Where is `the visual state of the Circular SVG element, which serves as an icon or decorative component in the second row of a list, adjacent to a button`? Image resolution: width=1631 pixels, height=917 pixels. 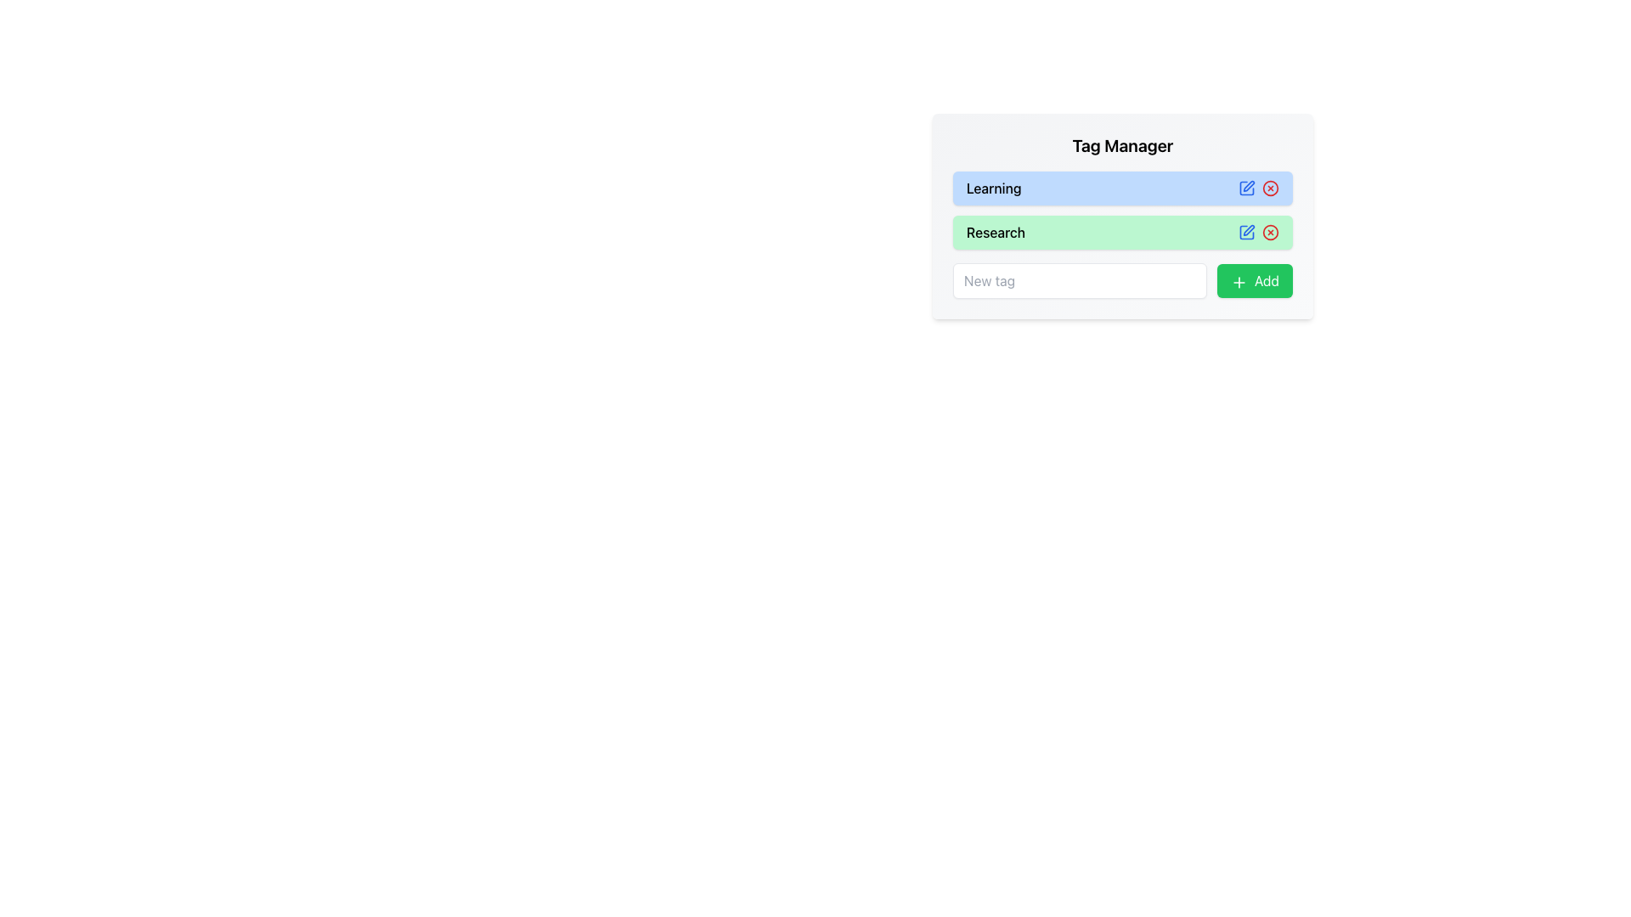 the visual state of the Circular SVG element, which serves as an icon or decorative component in the second row of a list, adjacent to a button is located at coordinates (1271, 232).